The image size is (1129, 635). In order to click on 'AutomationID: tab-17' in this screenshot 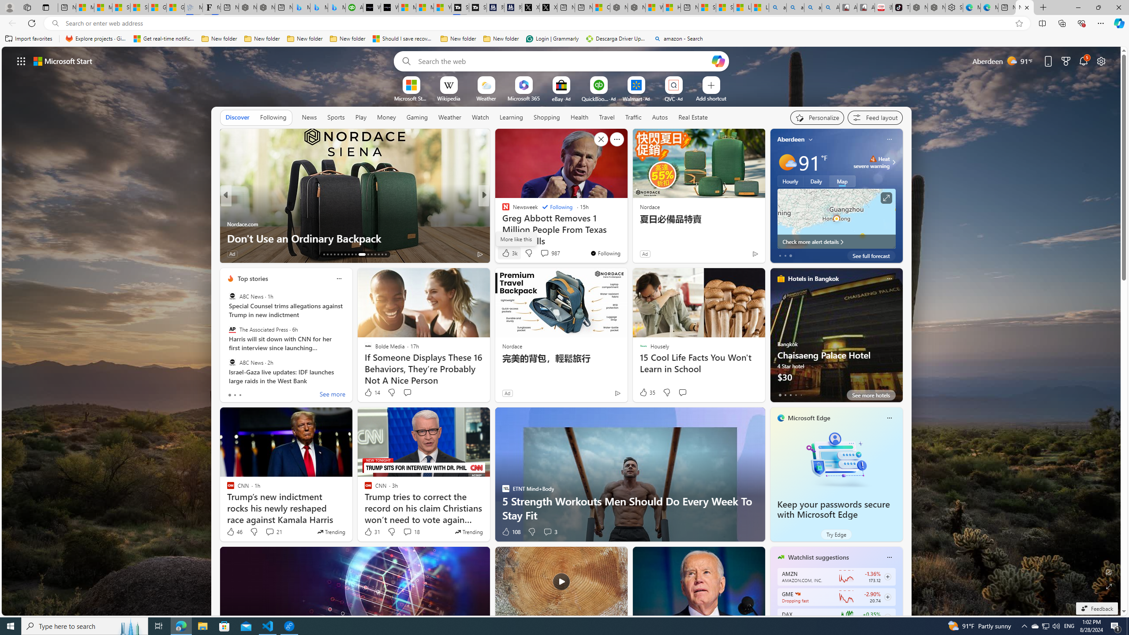, I will do `click(338, 254)`.